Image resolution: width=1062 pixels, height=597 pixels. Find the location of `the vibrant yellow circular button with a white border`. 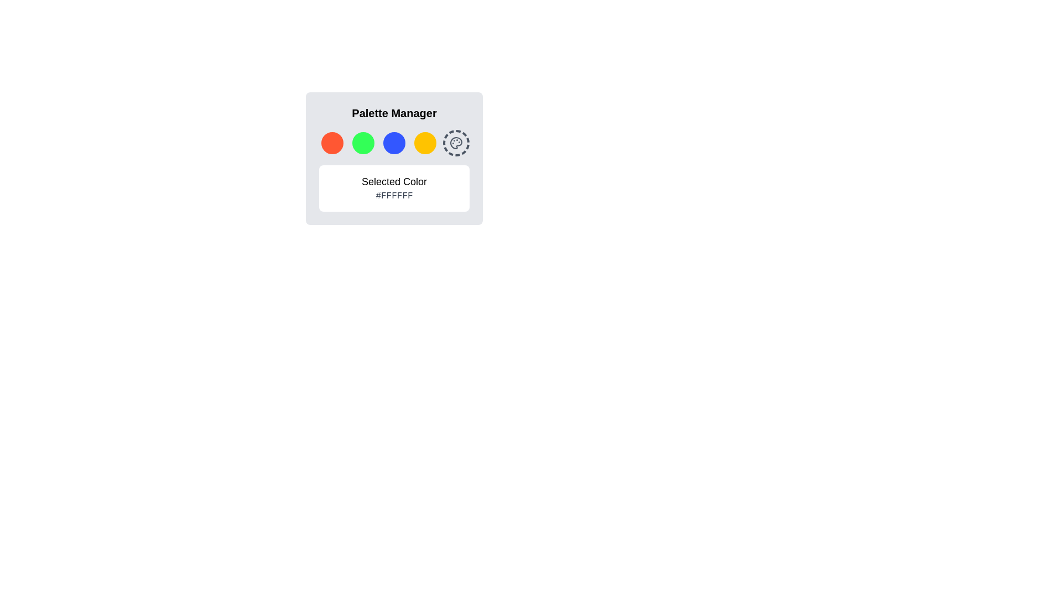

the vibrant yellow circular button with a white border is located at coordinates (424, 142).